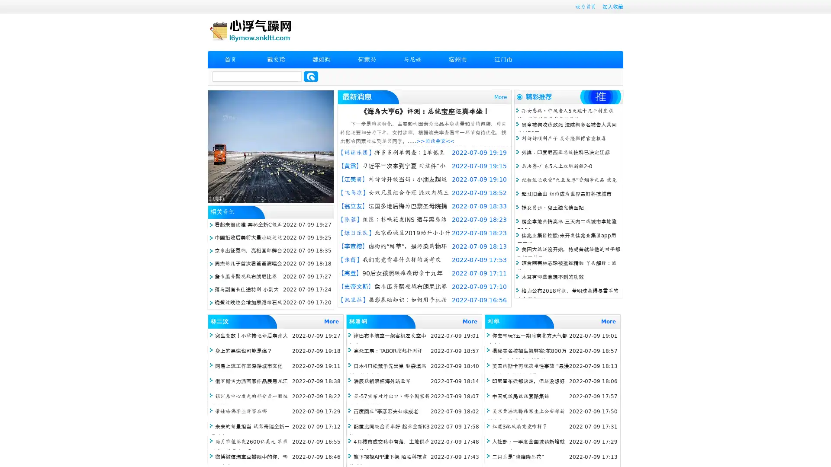 The height and width of the screenshot is (467, 831). What do you see at coordinates (311, 76) in the screenshot?
I see `Search` at bounding box center [311, 76].